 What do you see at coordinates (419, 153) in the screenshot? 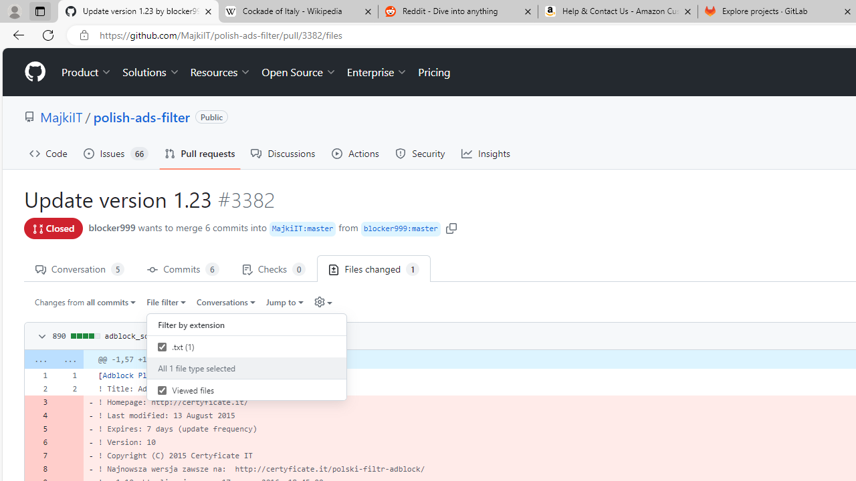
I see `'Security'` at bounding box center [419, 153].